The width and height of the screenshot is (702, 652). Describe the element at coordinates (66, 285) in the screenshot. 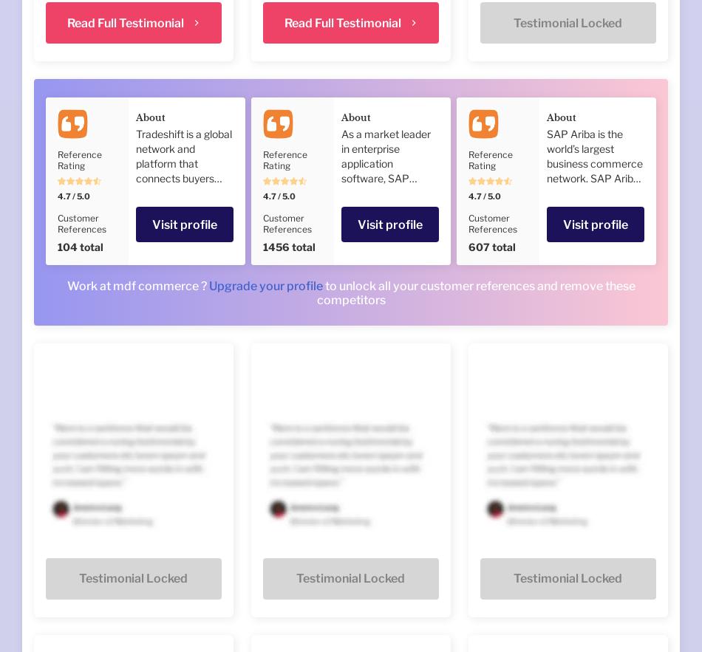

I see `'Work at mdf commerce ?'` at that location.